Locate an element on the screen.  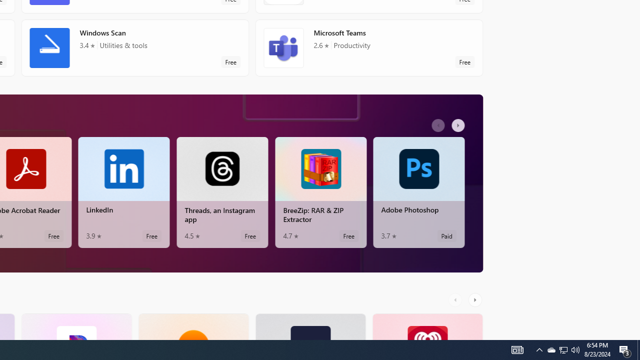
'LinkedIn. Average rating of 3.9 out of five stars. Free  ' is located at coordinates (123, 192).